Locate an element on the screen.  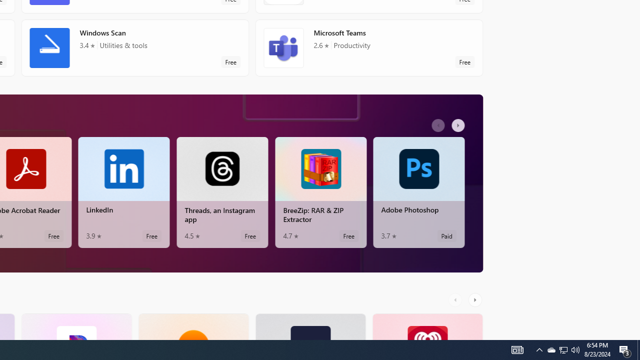
'LinkedIn. Average rating of 3.9 out of five stars. Free  ' is located at coordinates (123, 192).